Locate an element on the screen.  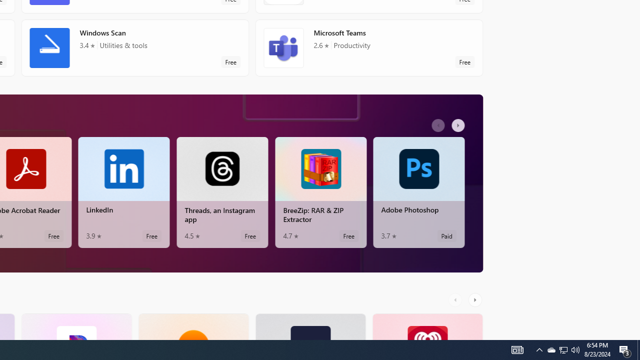
'LinkedIn. Average rating of 3.9 out of five stars. Free  ' is located at coordinates (123, 192).